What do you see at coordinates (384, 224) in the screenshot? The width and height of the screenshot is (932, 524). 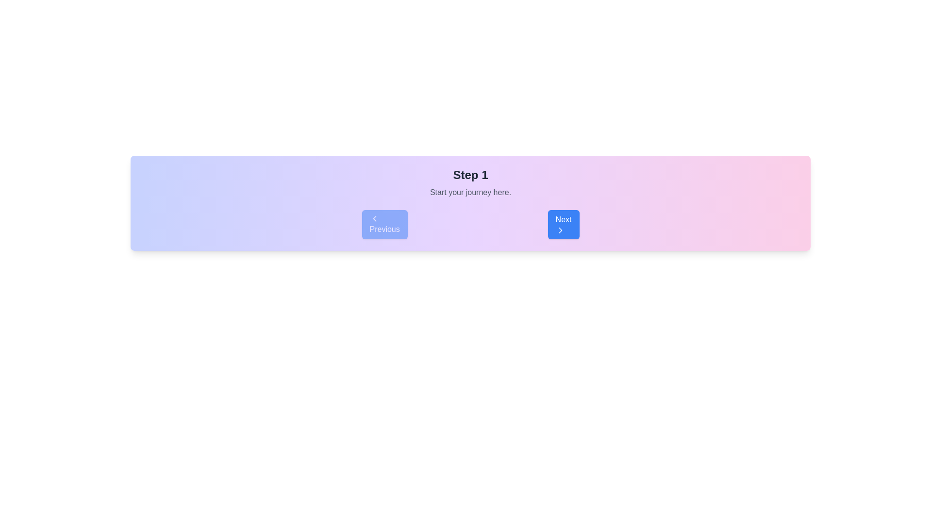 I see `the 'Previous' button, which is a rectangular button with a blue background and white text reading 'Previous', located centrally in the interface, to the left of the 'Next' button` at bounding box center [384, 224].